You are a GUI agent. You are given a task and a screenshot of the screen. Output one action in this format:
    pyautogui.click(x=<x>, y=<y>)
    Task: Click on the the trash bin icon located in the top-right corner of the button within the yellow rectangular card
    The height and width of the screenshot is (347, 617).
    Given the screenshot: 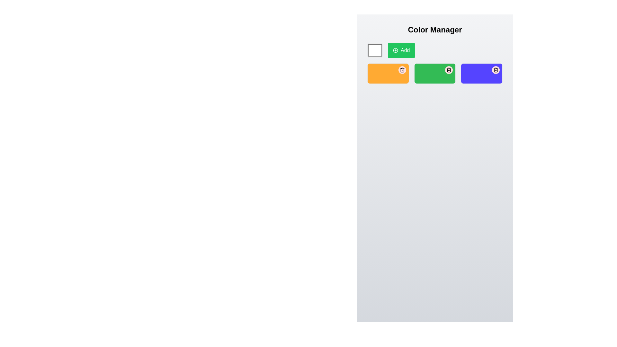 What is the action you would take?
    pyautogui.click(x=402, y=70)
    